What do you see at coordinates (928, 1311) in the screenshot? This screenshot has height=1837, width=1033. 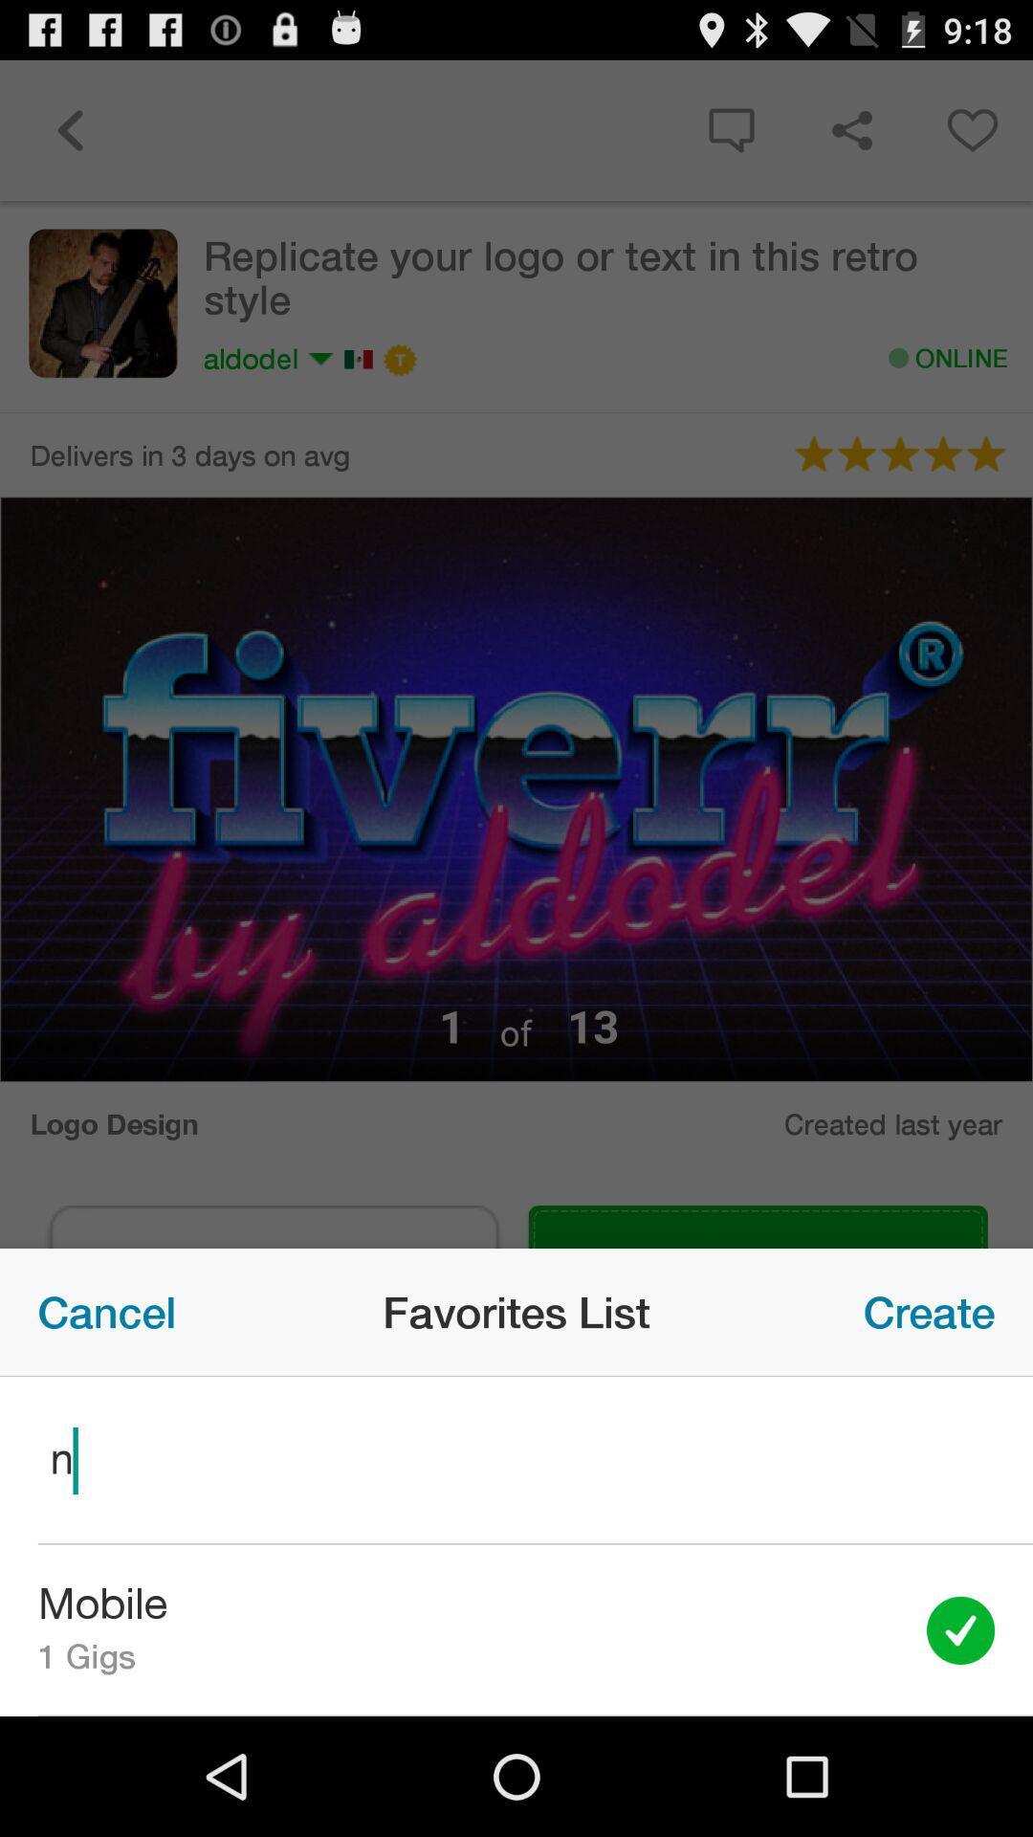 I see `the create item` at bounding box center [928, 1311].